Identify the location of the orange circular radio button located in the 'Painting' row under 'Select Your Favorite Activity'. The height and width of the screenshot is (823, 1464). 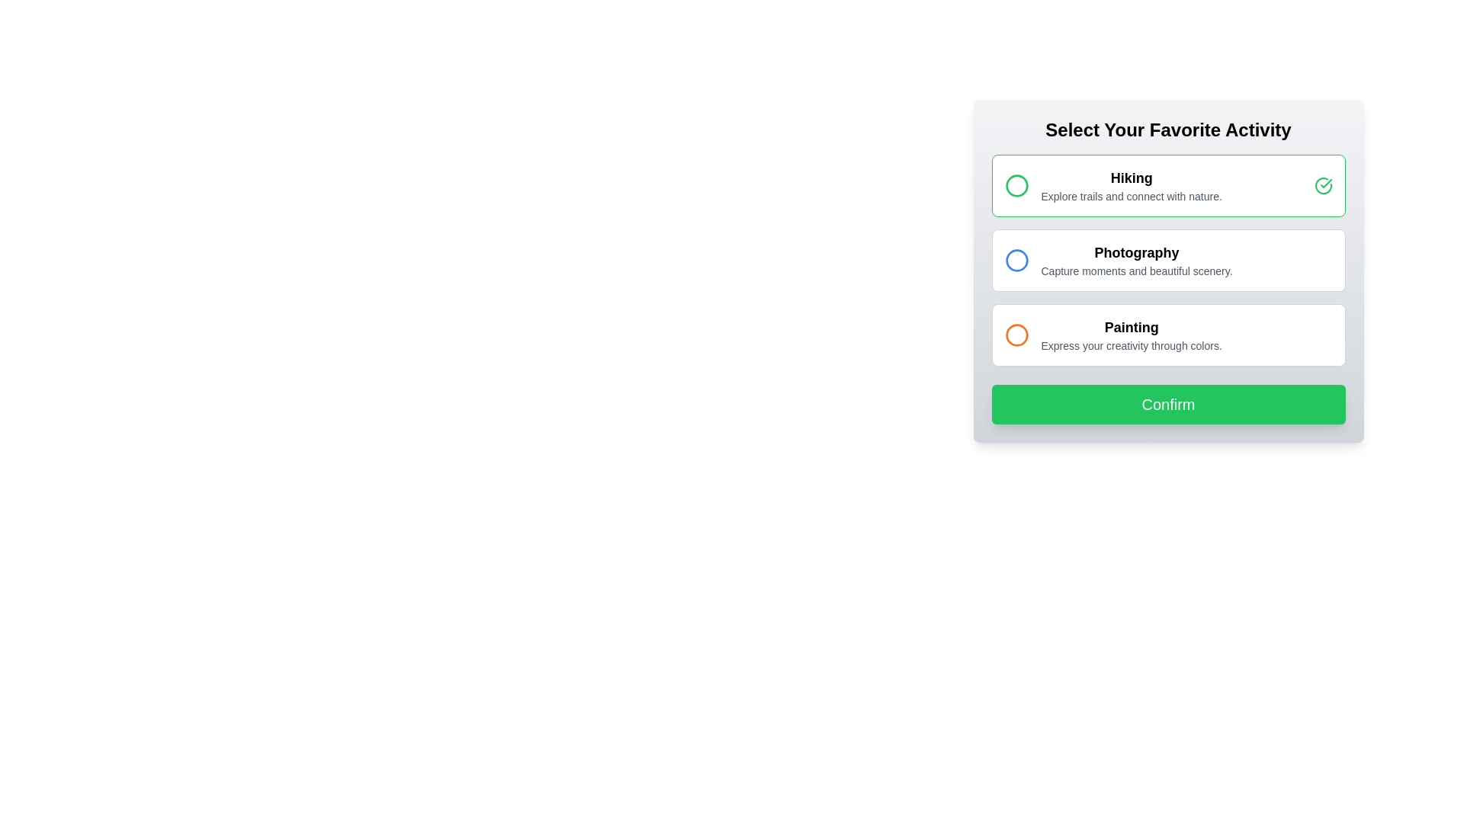
(1016, 334).